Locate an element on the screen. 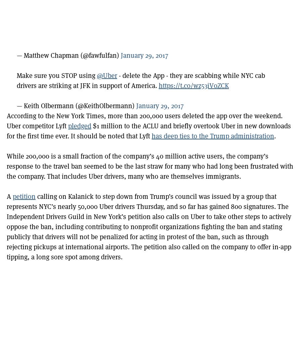  'According to the New York Times, more than 200,000 users deleted the app over the weekend. Uber competitor Lyft' is located at coordinates (145, 121).